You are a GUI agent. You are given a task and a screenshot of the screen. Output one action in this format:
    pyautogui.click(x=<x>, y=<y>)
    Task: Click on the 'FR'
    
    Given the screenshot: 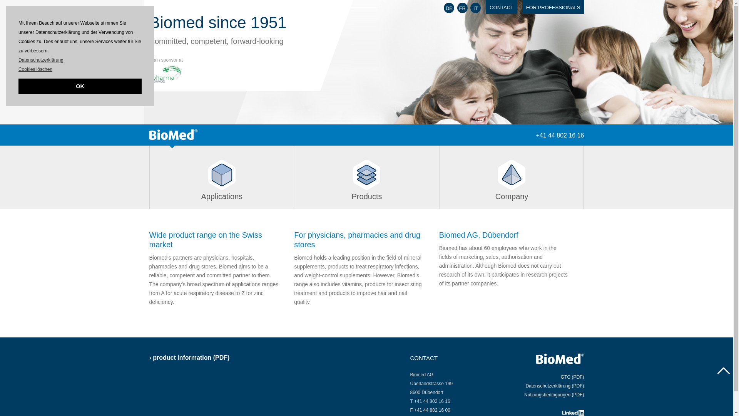 What is the action you would take?
    pyautogui.click(x=462, y=8)
    